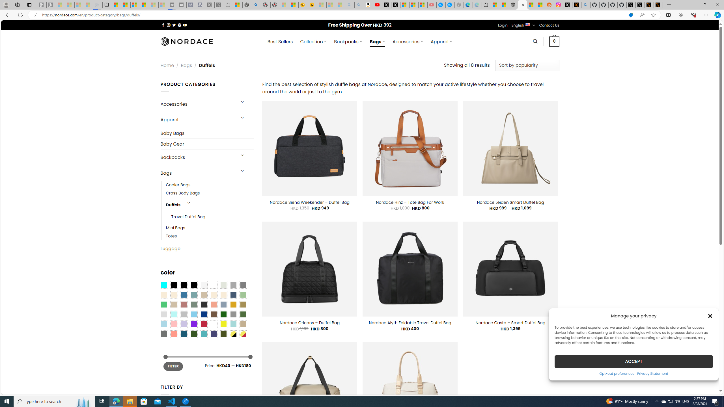 The image size is (724, 407). I want to click on 'Peach Pink', so click(173, 334).